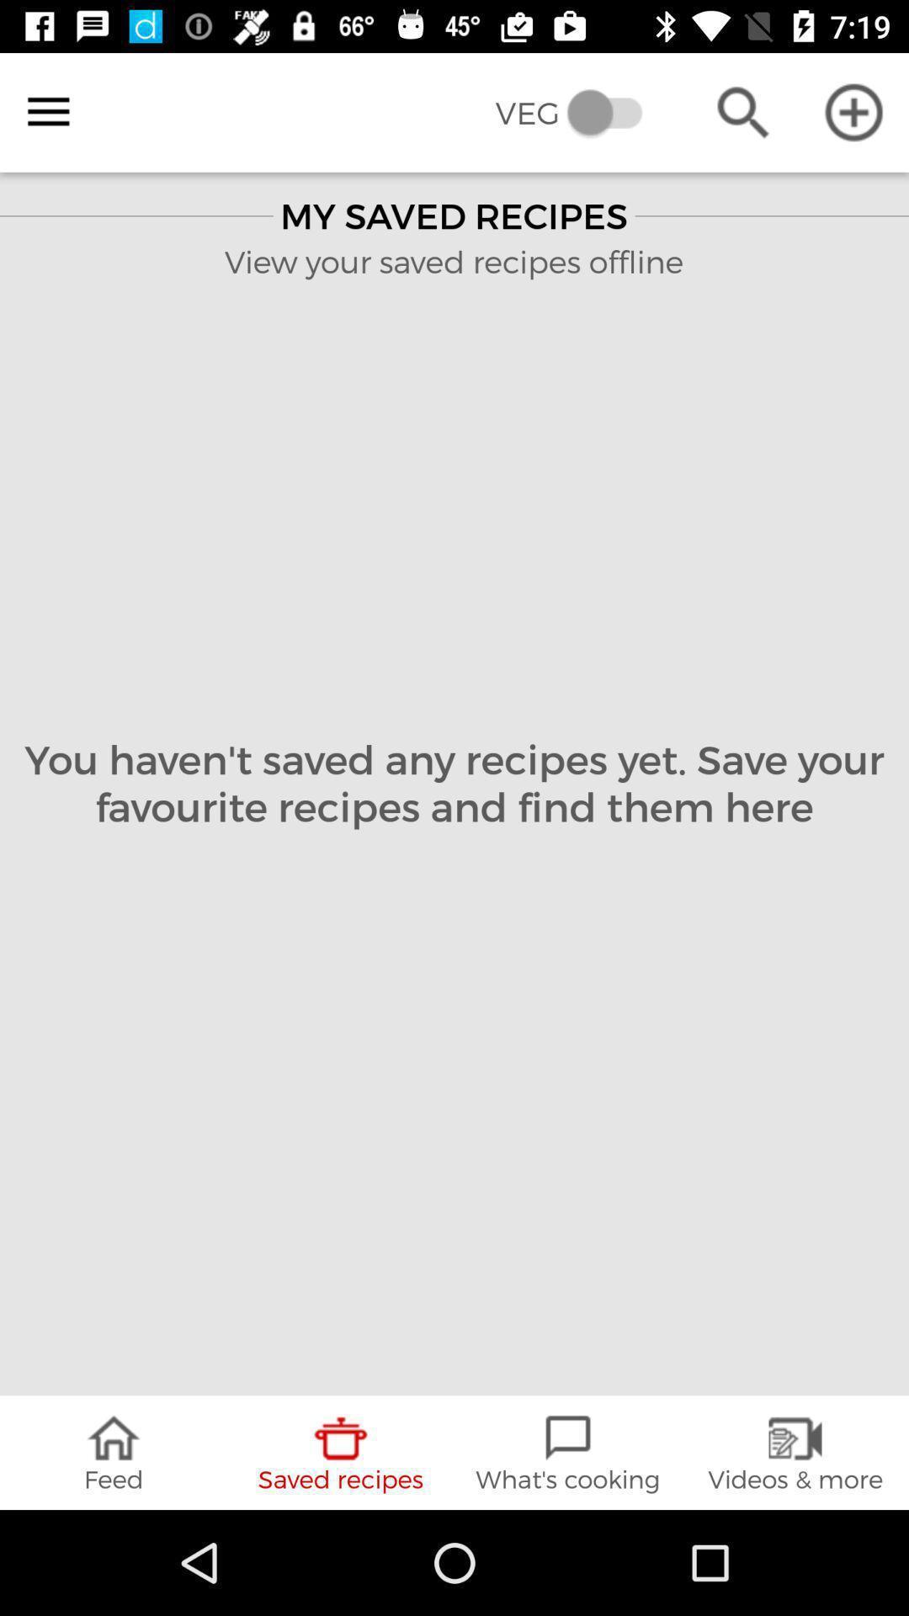  I want to click on item below you haven t icon, so click(568, 1452).